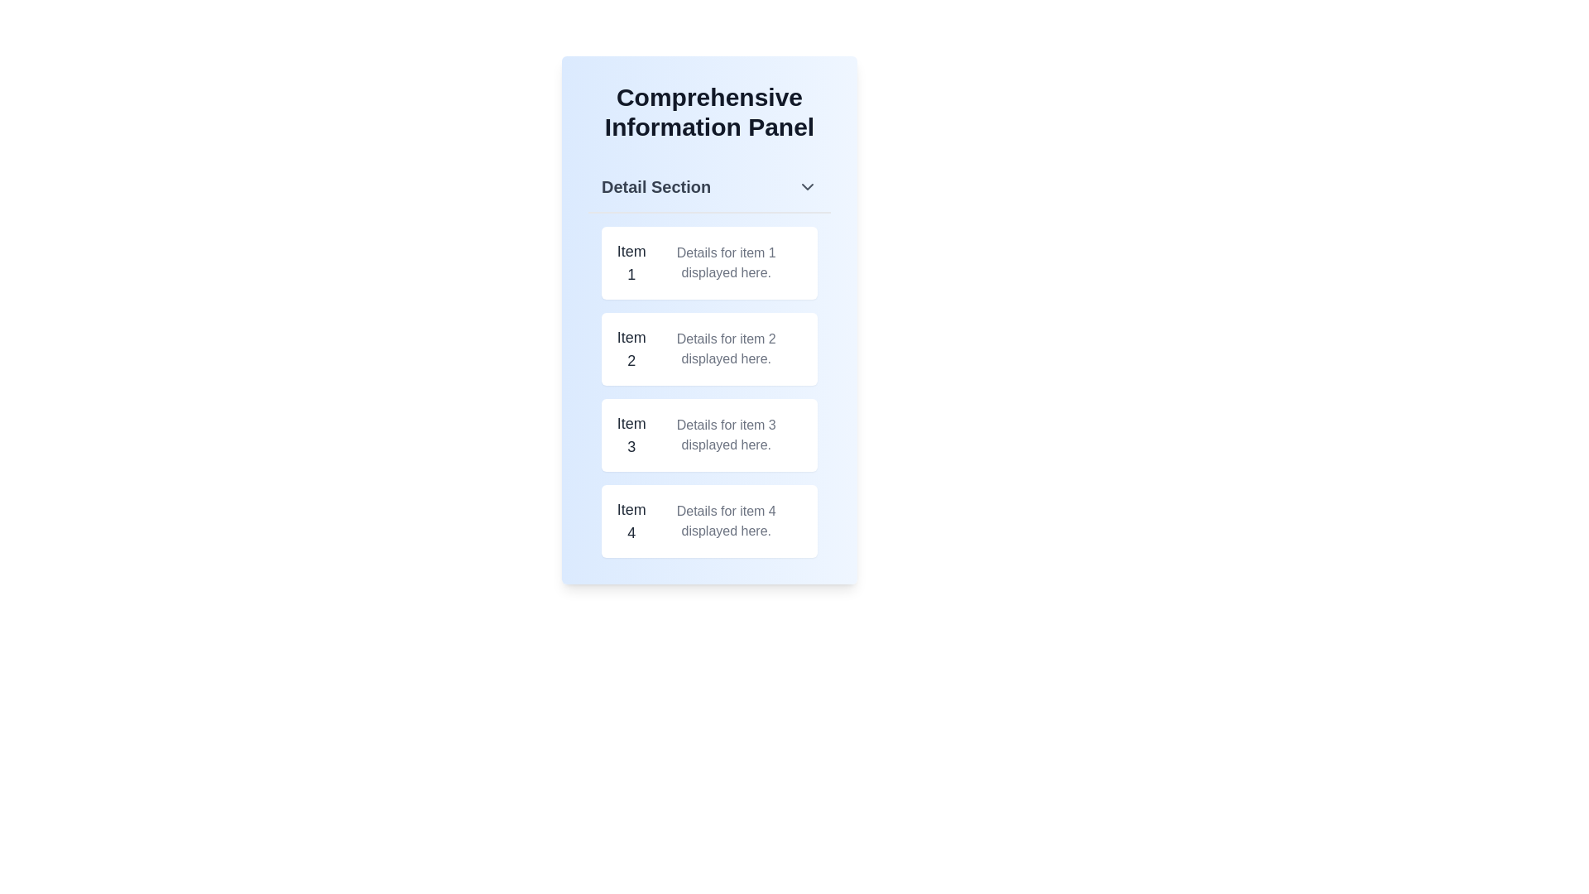 The height and width of the screenshot is (894, 1589). What do you see at coordinates (709, 392) in the screenshot?
I see `the third item in the vertical list titled 'Item 3' within the light blue 'Comprehensive Information Panel'` at bounding box center [709, 392].